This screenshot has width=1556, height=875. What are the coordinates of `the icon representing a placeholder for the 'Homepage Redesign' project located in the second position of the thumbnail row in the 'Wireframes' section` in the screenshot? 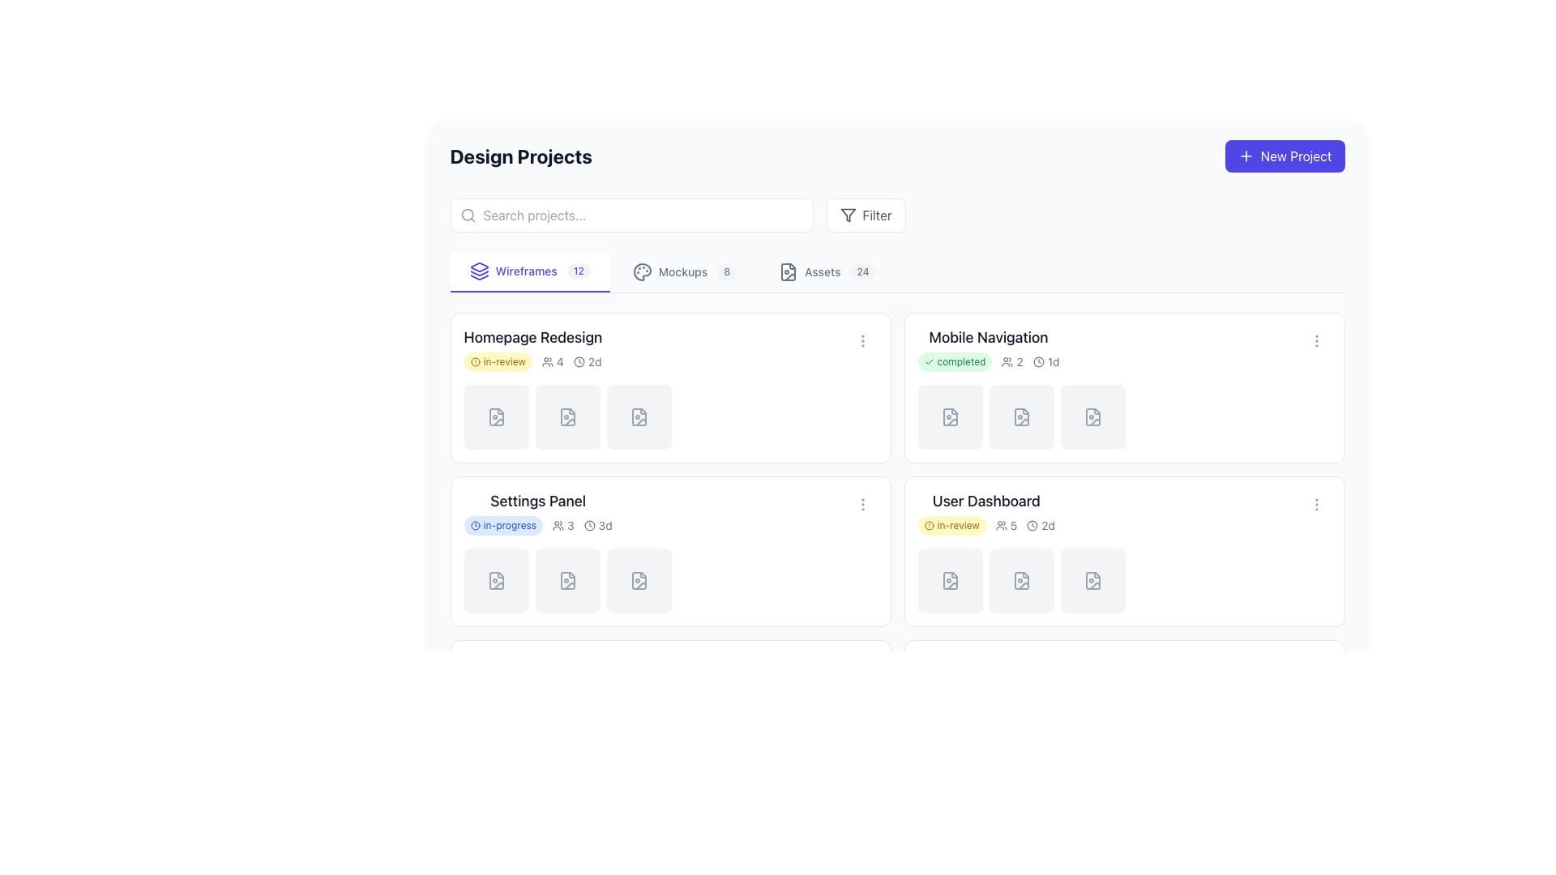 It's located at (638, 416).